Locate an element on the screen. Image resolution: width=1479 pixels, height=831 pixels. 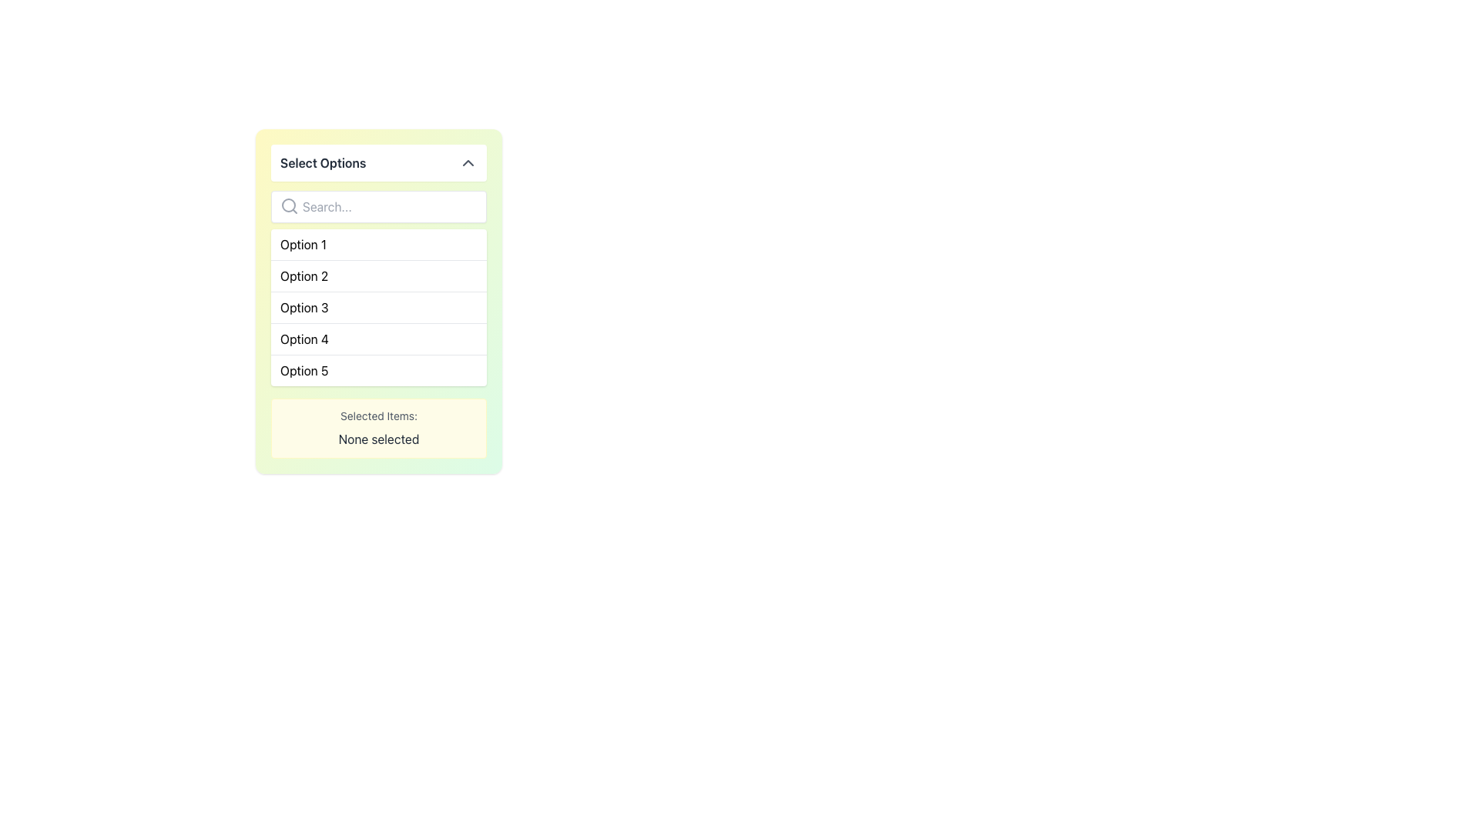
the third option in a vertically stacked list of selectable options with a white background and light gray dividers, located below a search box is located at coordinates (378, 308).